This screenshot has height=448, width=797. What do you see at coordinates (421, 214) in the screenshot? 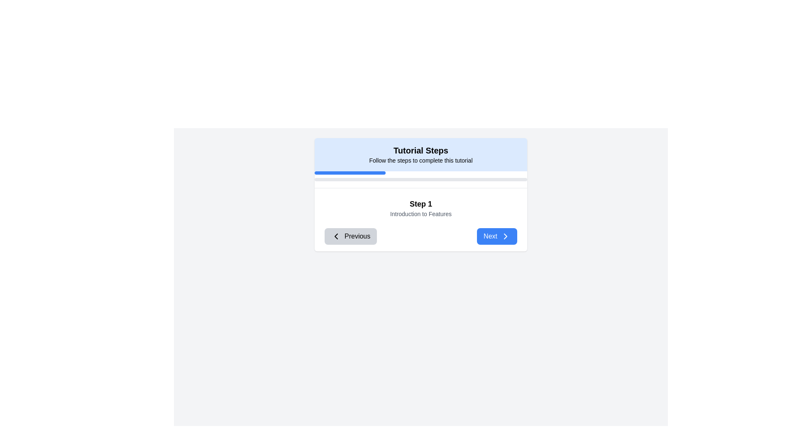
I see `the descriptive text element for the tutorial step located below the 'Step 1' heading in the central panel labeled 'Tutorial Steps'` at bounding box center [421, 214].